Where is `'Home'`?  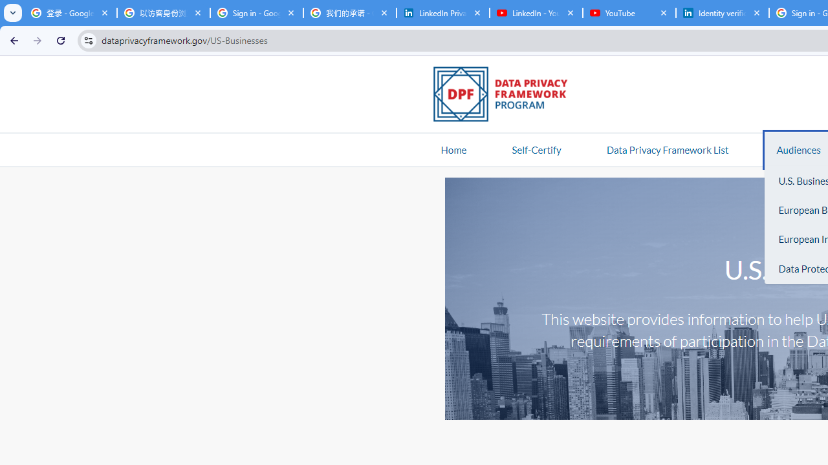 'Home' is located at coordinates (453, 149).